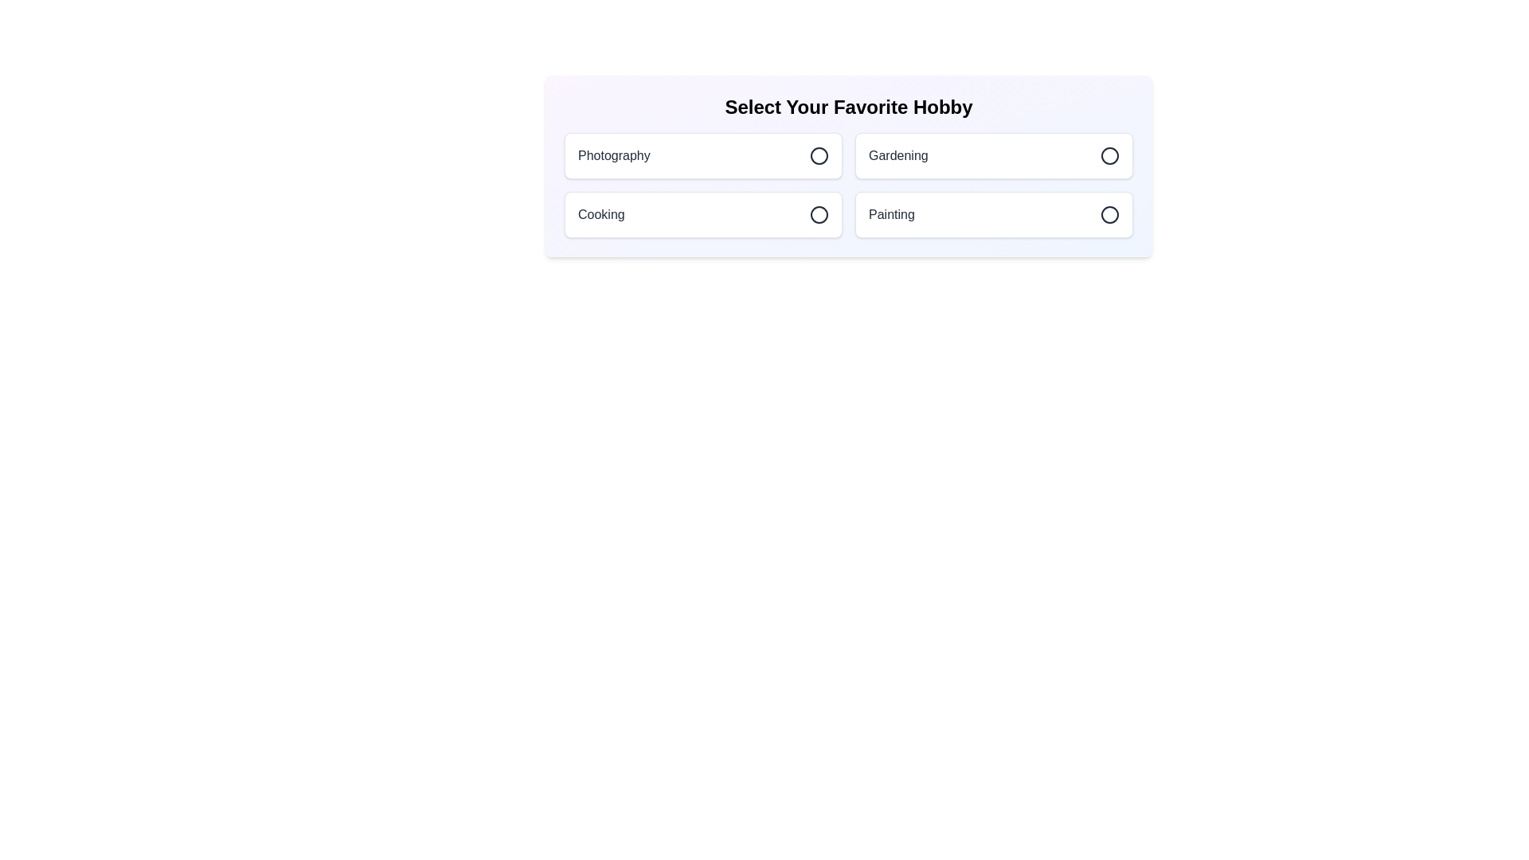 The width and height of the screenshot is (1529, 860). I want to click on the circular radio button located in the 'Cooking' card on the right side of the text content, so click(819, 215).